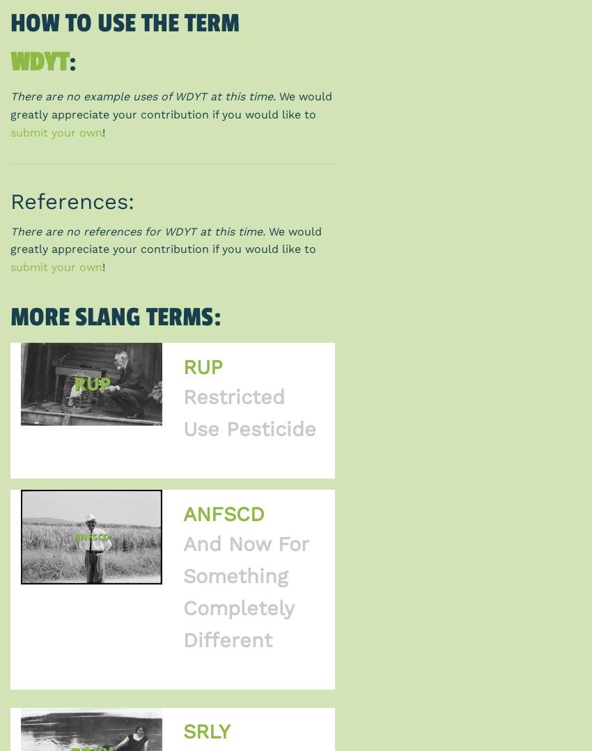 This screenshot has height=751, width=592. What do you see at coordinates (248, 412) in the screenshot?
I see `'Restricted Use Pesticide'` at bounding box center [248, 412].